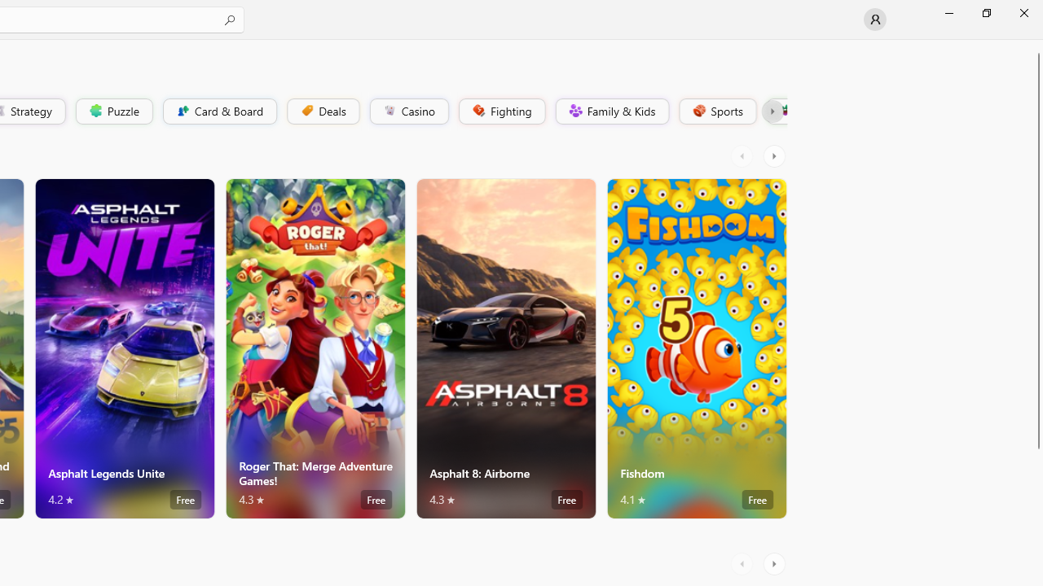 This screenshot has width=1043, height=586. What do you see at coordinates (771, 110) in the screenshot?
I see `'Class: Button'` at bounding box center [771, 110].